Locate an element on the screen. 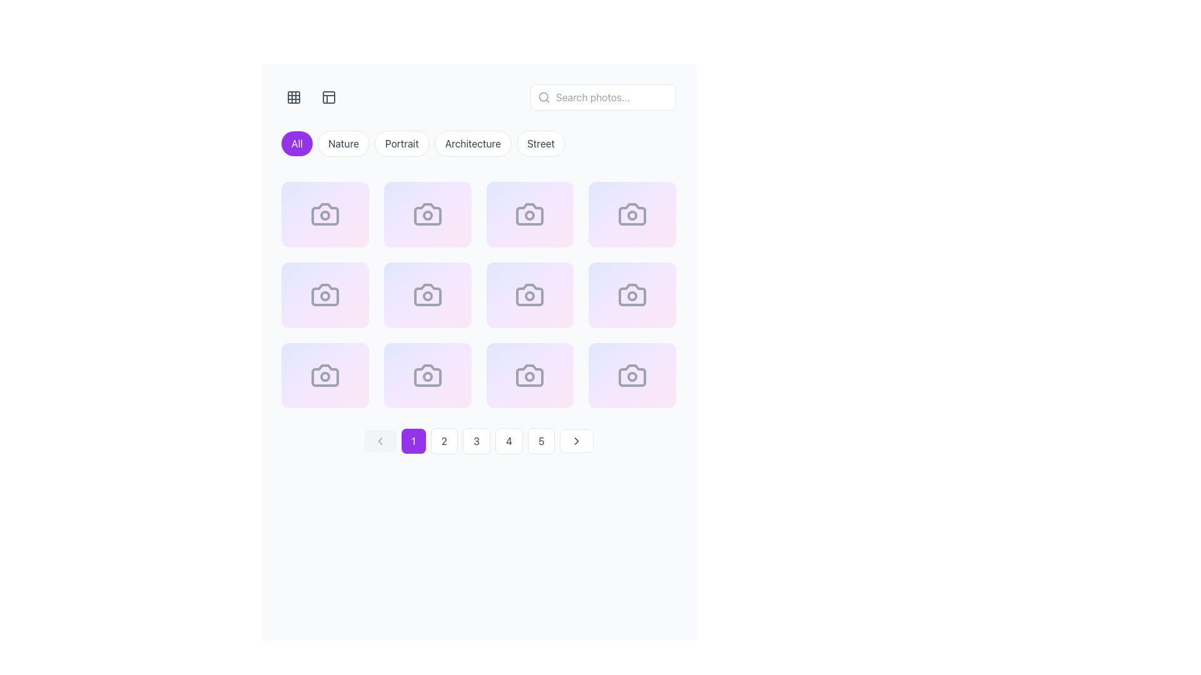 This screenshot has height=675, width=1201. the Camera icon located at the bottom-right corner of a 3x3 grid layout, positioned adjacent to other camera icons is located at coordinates (632, 375).